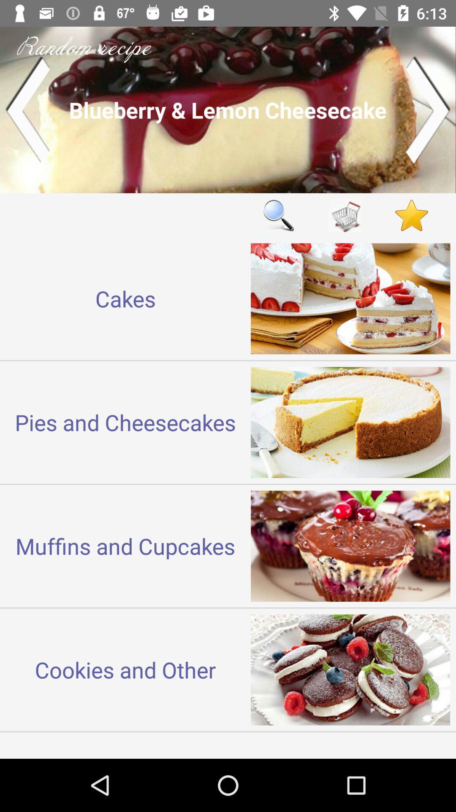  Describe the element at coordinates (125, 299) in the screenshot. I see `the item above pies and cheesecakes` at that location.